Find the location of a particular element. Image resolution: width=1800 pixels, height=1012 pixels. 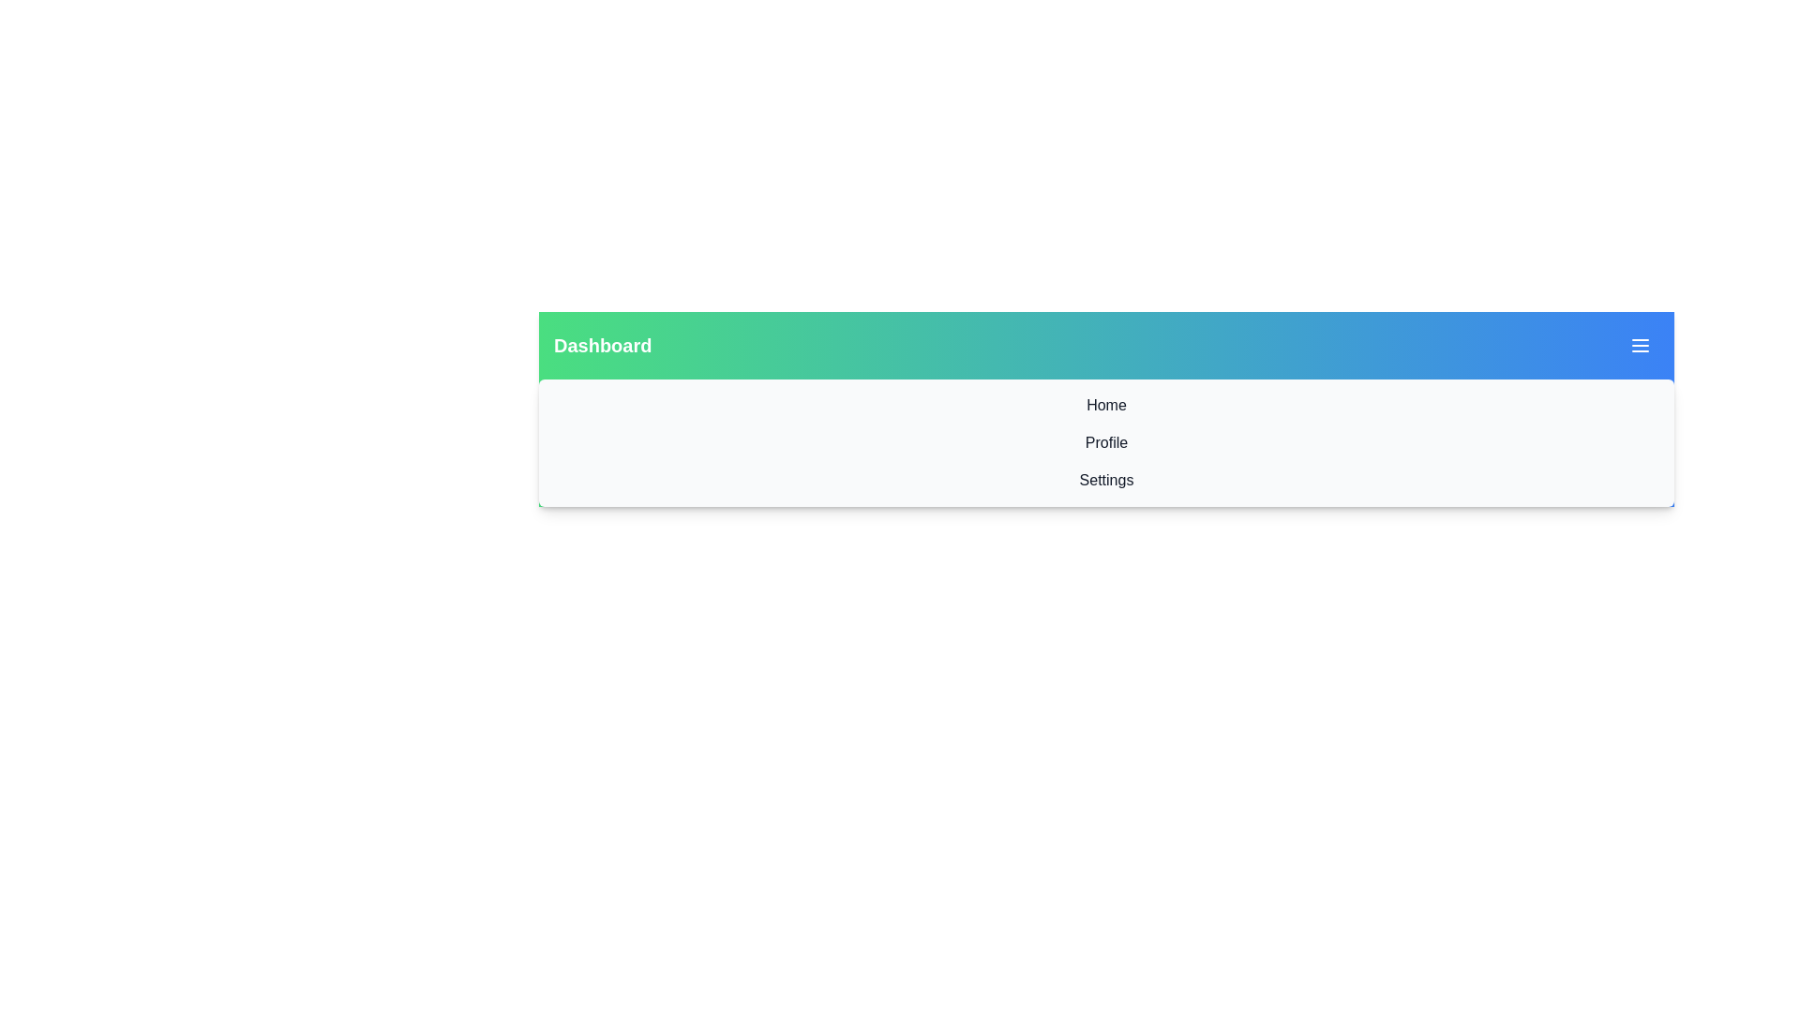

the Menu toggle icon located in the top right corner of the interface is located at coordinates (1640, 346).